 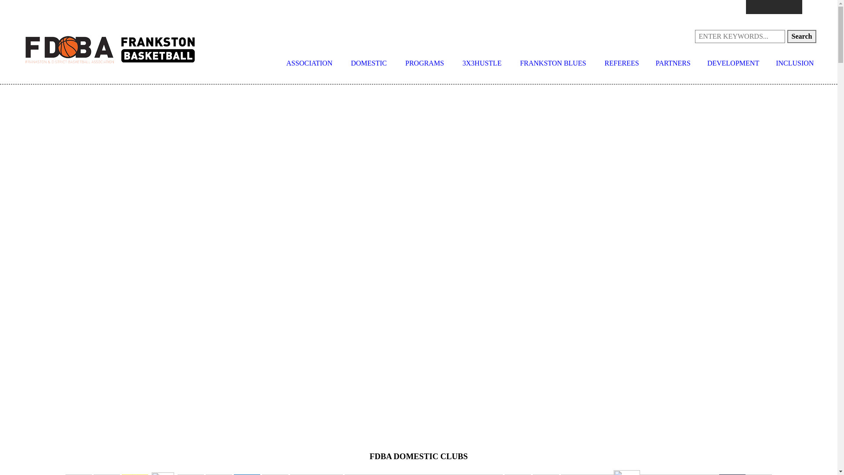 What do you see at coordinates (795, 62) in the screenshot?
I see `'INCLUSION'` at bounding box center [795, 62].